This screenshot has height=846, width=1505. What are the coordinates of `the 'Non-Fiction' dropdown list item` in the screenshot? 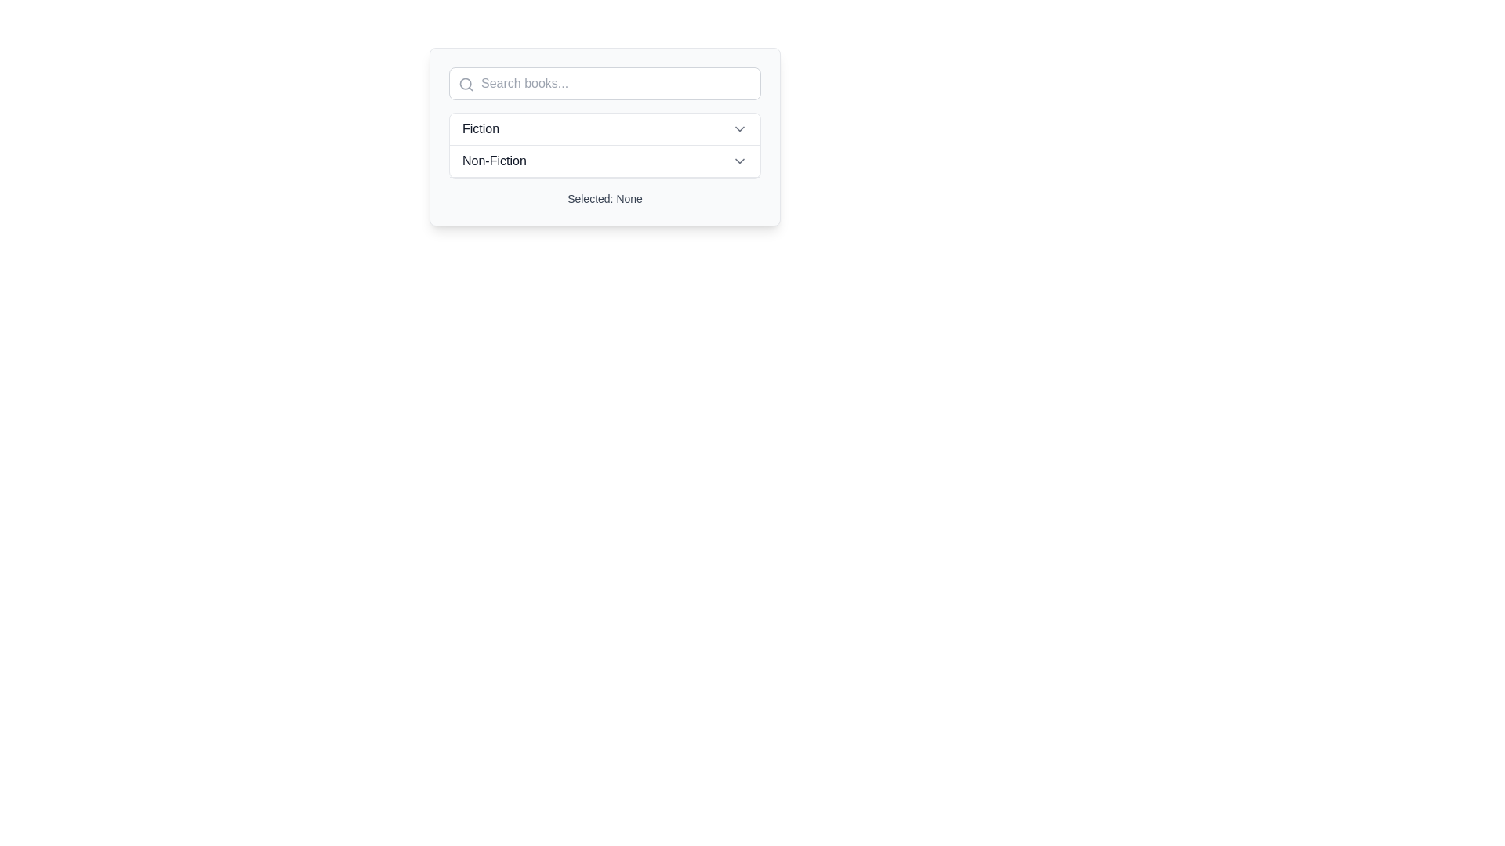 It's located at (604, 161).